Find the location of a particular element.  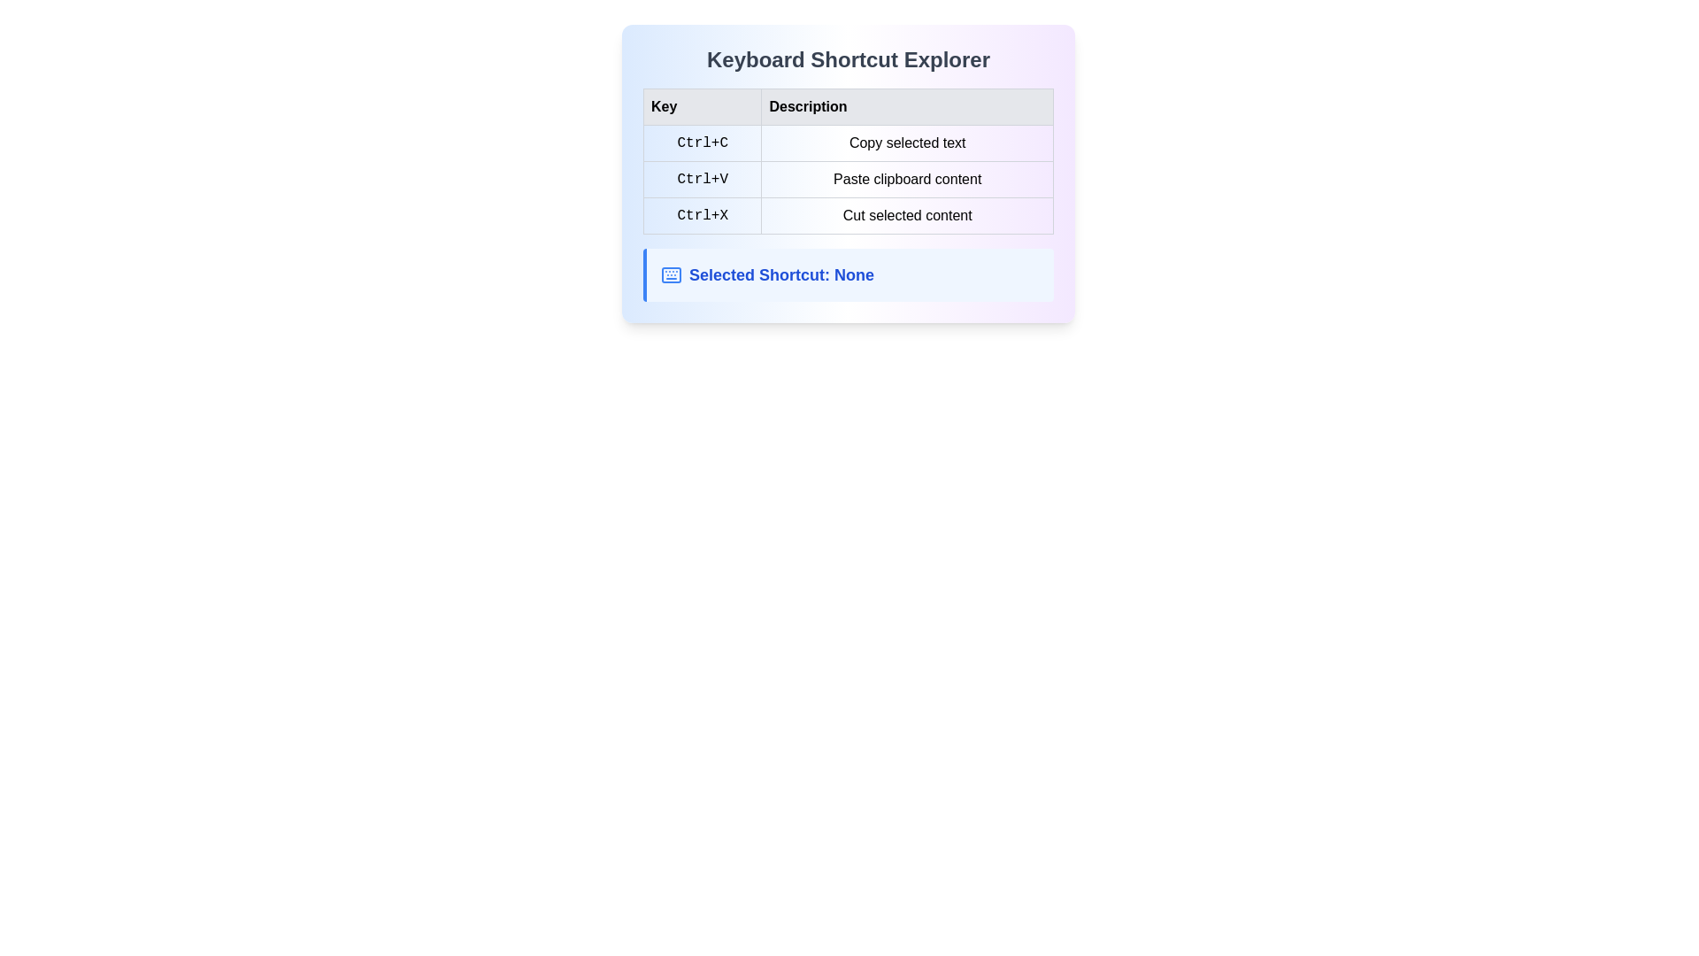

and understand the information presented in the 'Keyboard Shortcut Explorer' table, which lists keyboard shortcuts and their descriptions is located at coordinates (848, 173).